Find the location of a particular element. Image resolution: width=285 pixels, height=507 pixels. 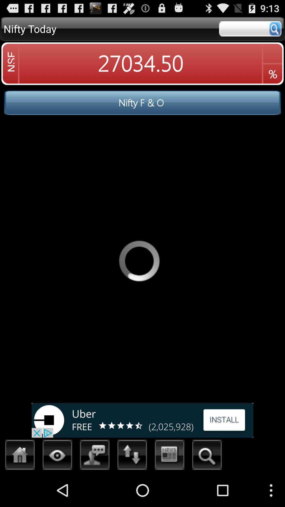

search is located at coordinates (207, 456).